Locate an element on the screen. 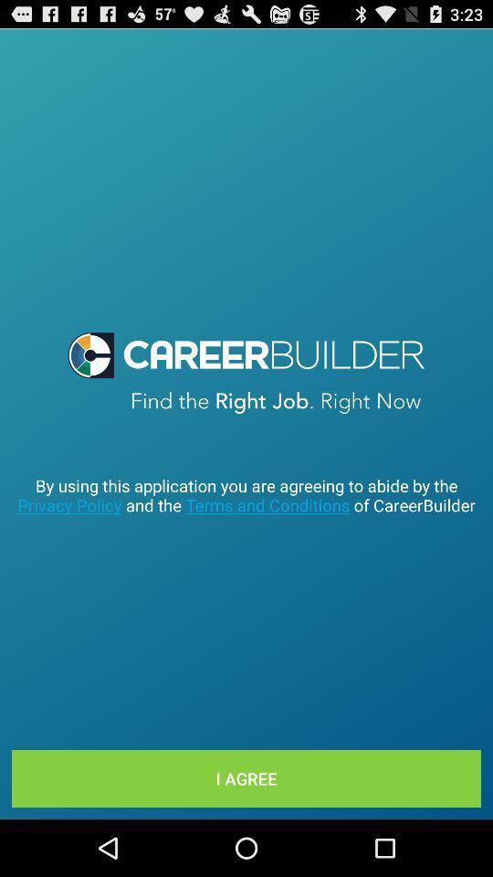  by using this item is located at coordinates (246, 495).